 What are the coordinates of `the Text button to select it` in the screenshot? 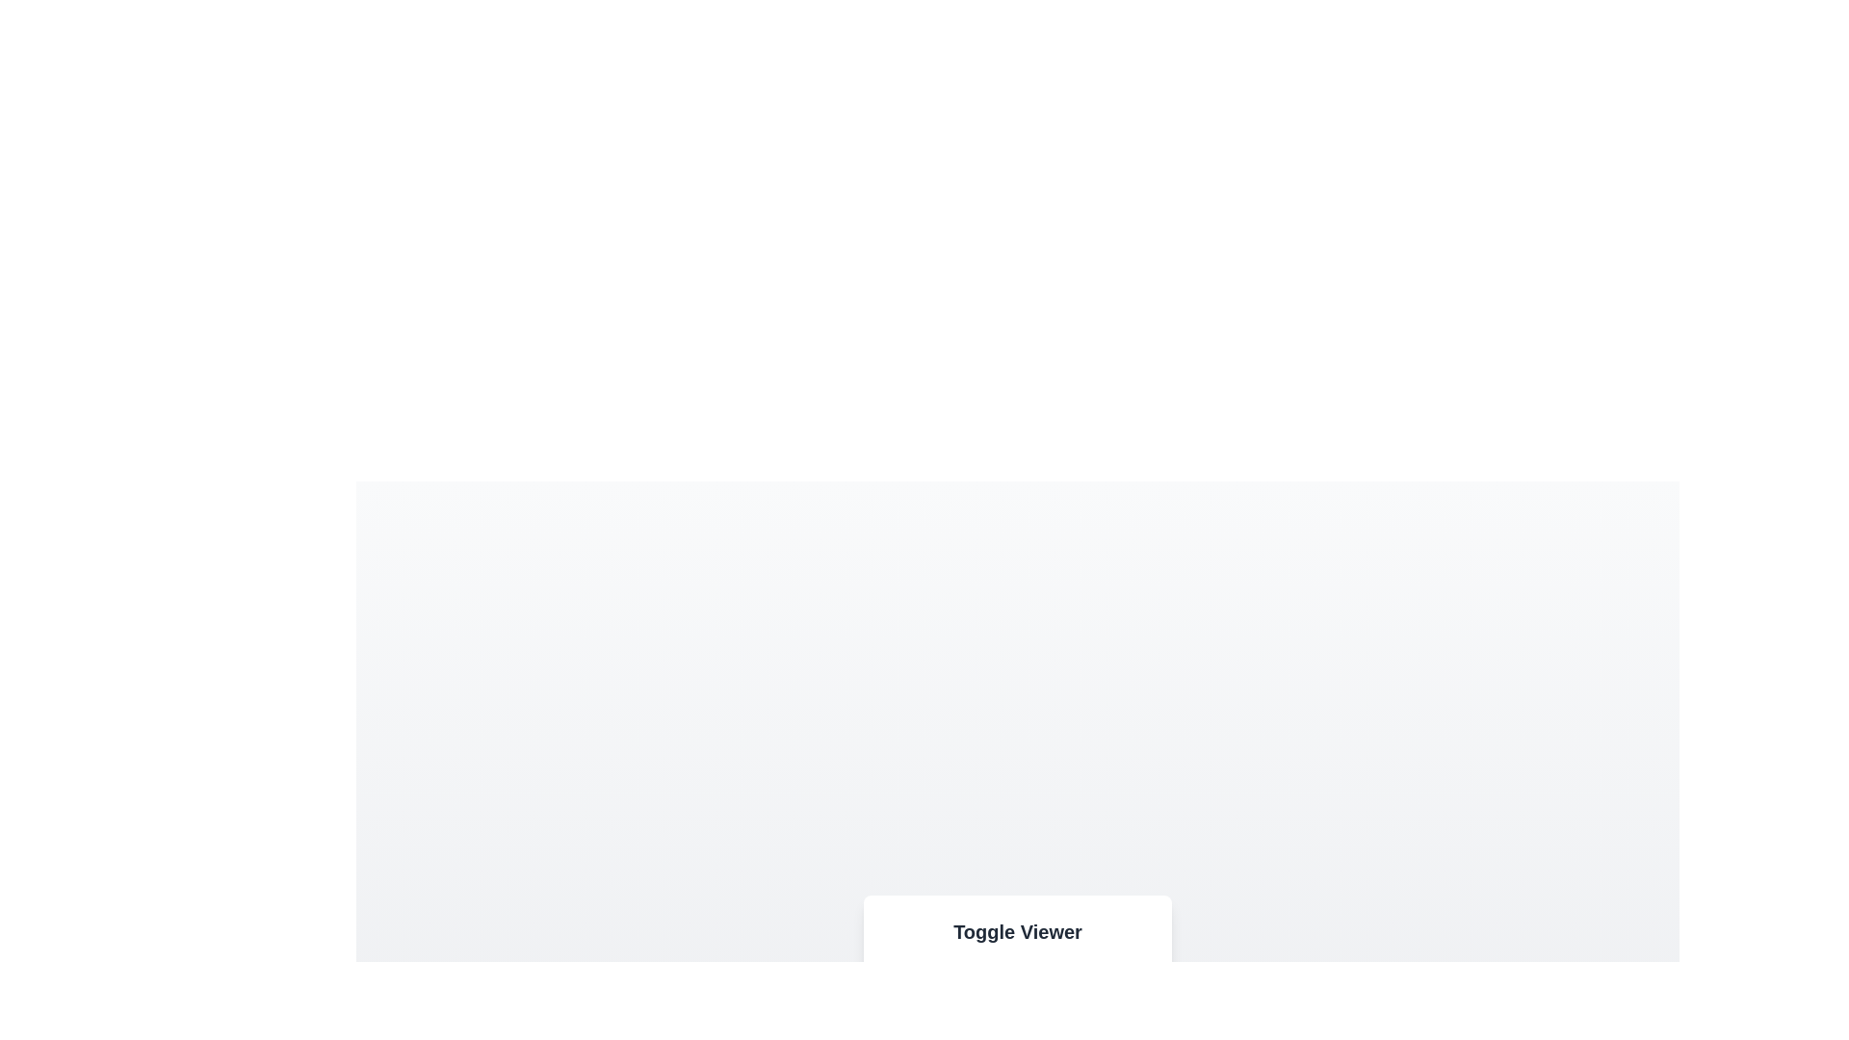 It's located at (1129, 1001).